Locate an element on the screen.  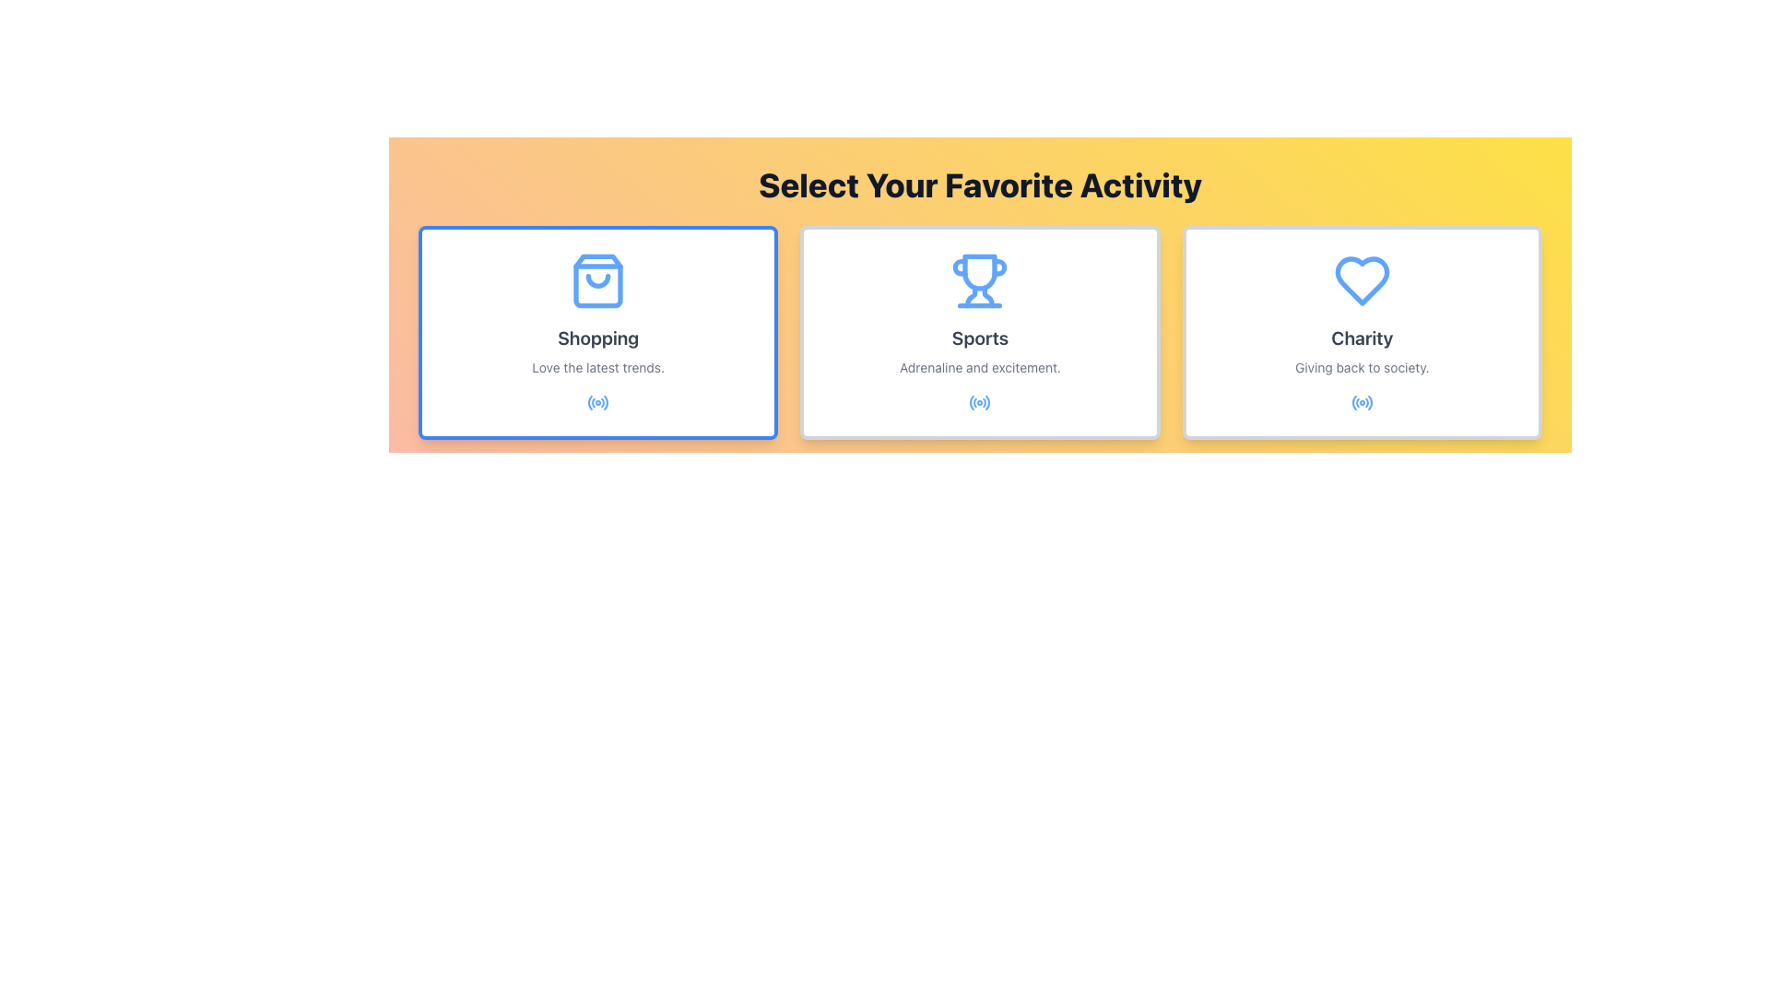
the text label displaying 'Giving back to society.' located below the 'Charity' text within the charity activity card is located at coordinates (1362, 367).